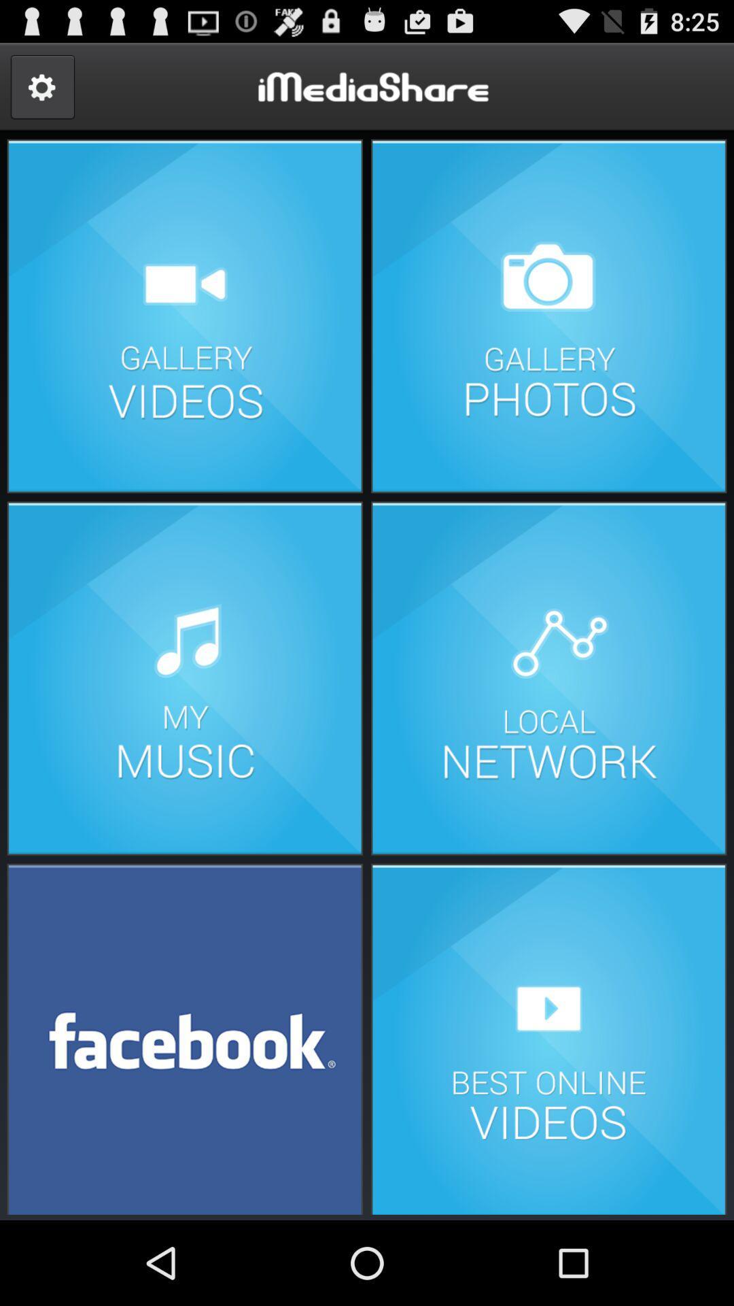 This screenshot has width=734, height=1306. I want to click on load local network, so click(548, 678).